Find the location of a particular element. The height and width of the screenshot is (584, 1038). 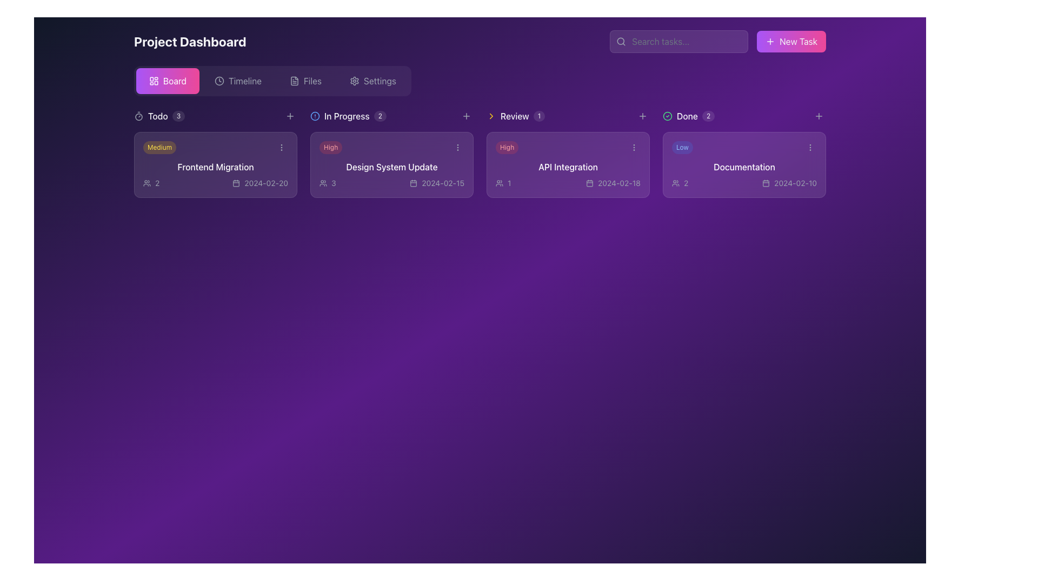

the circular green outlined icon with a checkmark located in the 'Done' section of the project dashboard, positioned to the left of the text 'Done' is located at coordinates (667, 116).